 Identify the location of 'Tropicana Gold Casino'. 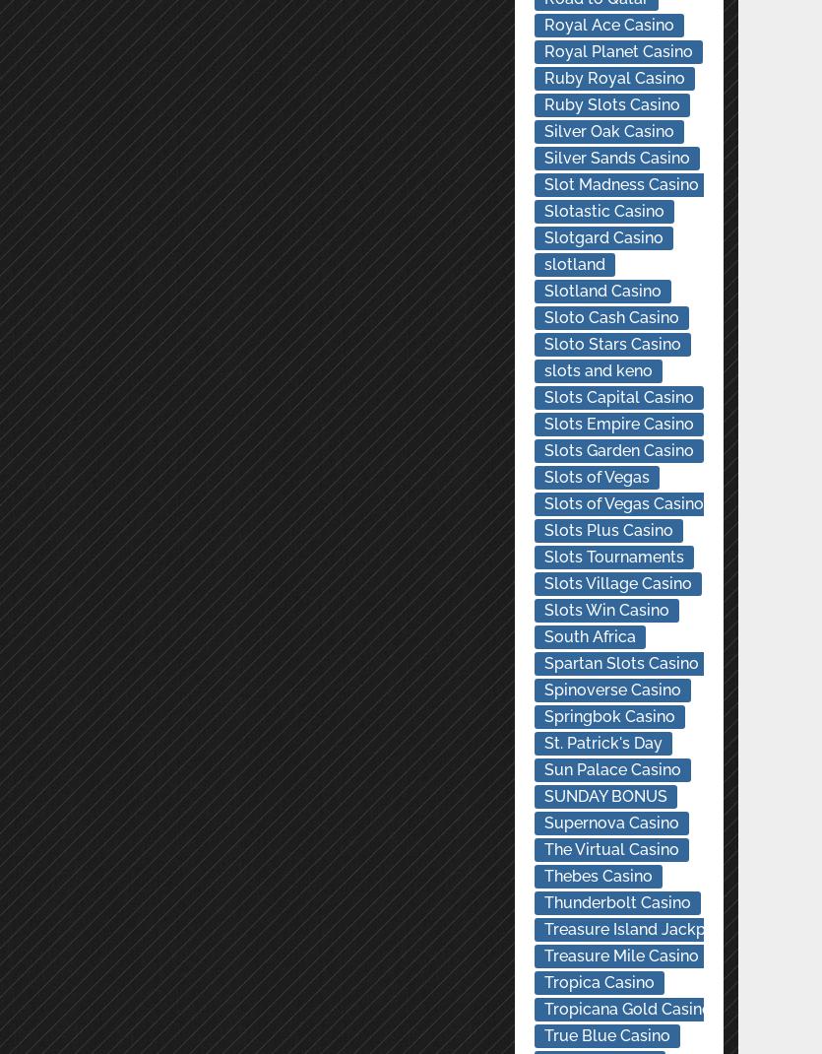
(543, 1009).